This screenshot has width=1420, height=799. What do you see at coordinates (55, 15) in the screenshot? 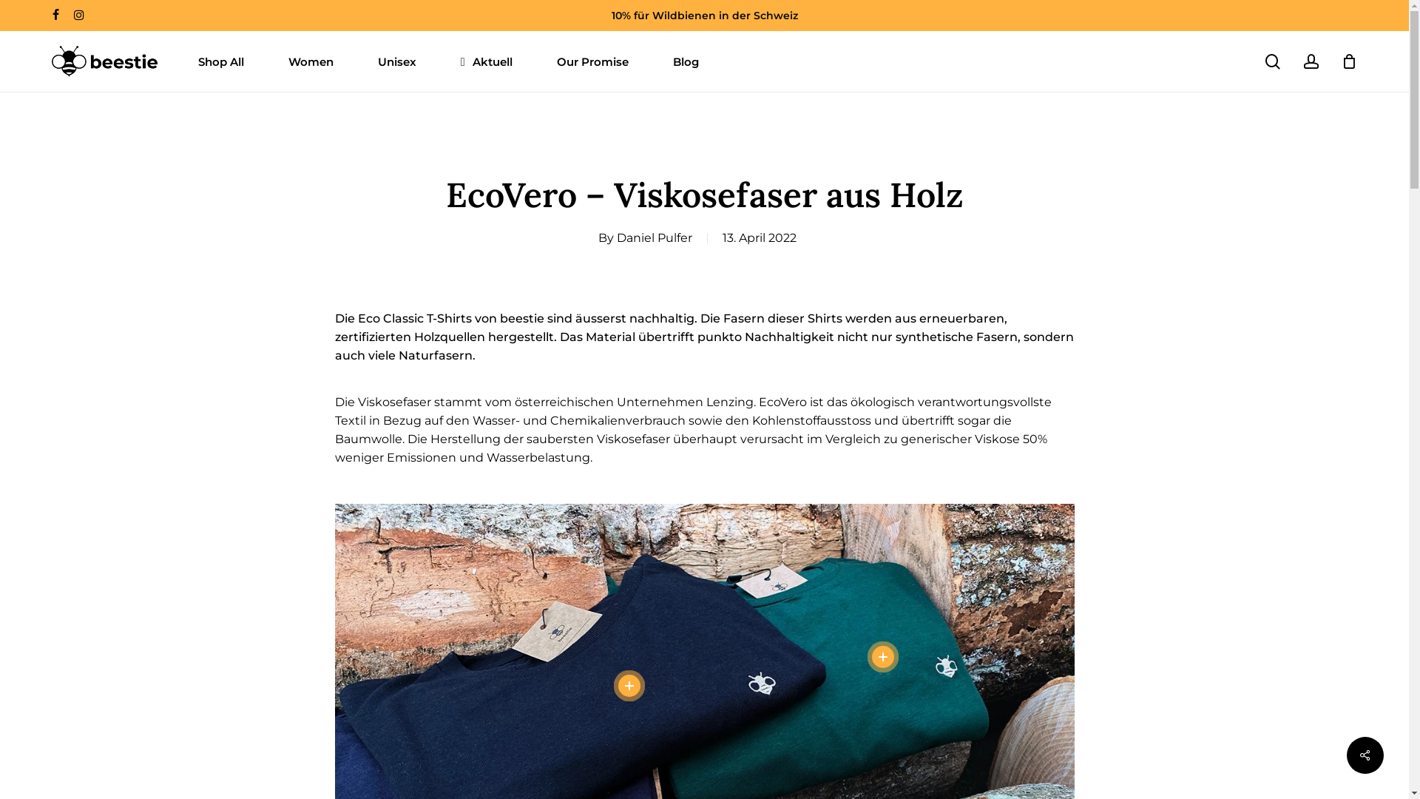
I see `'facebook'` at bounding box center [55, 15].